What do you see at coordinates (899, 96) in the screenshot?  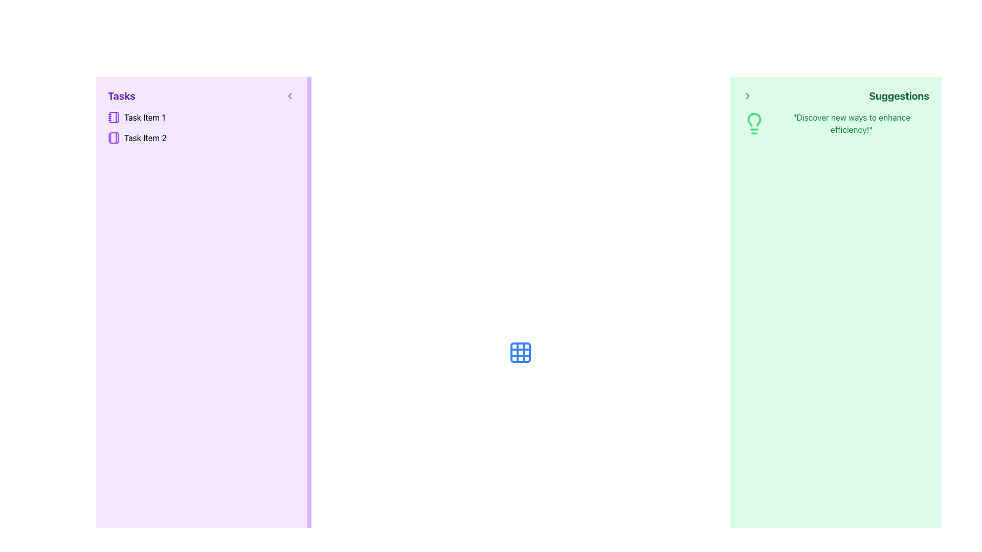 I see `the bold green text label reading 'Suggestions' located in the top-right corner of the green panel` at bounding box center [899, 96].